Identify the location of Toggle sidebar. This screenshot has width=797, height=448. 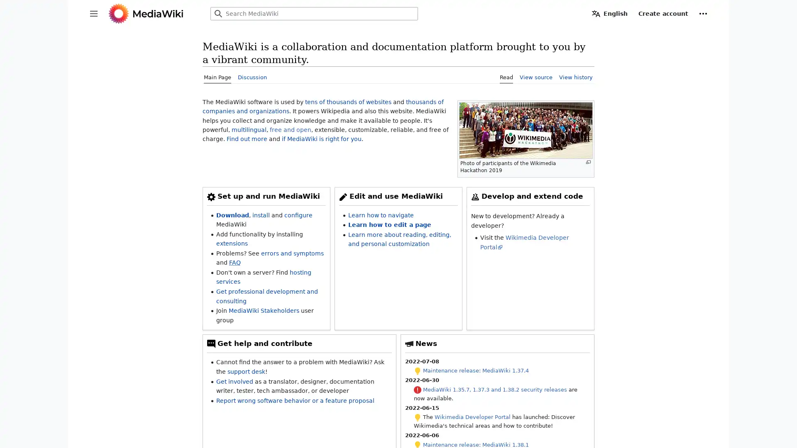
(93, 14).